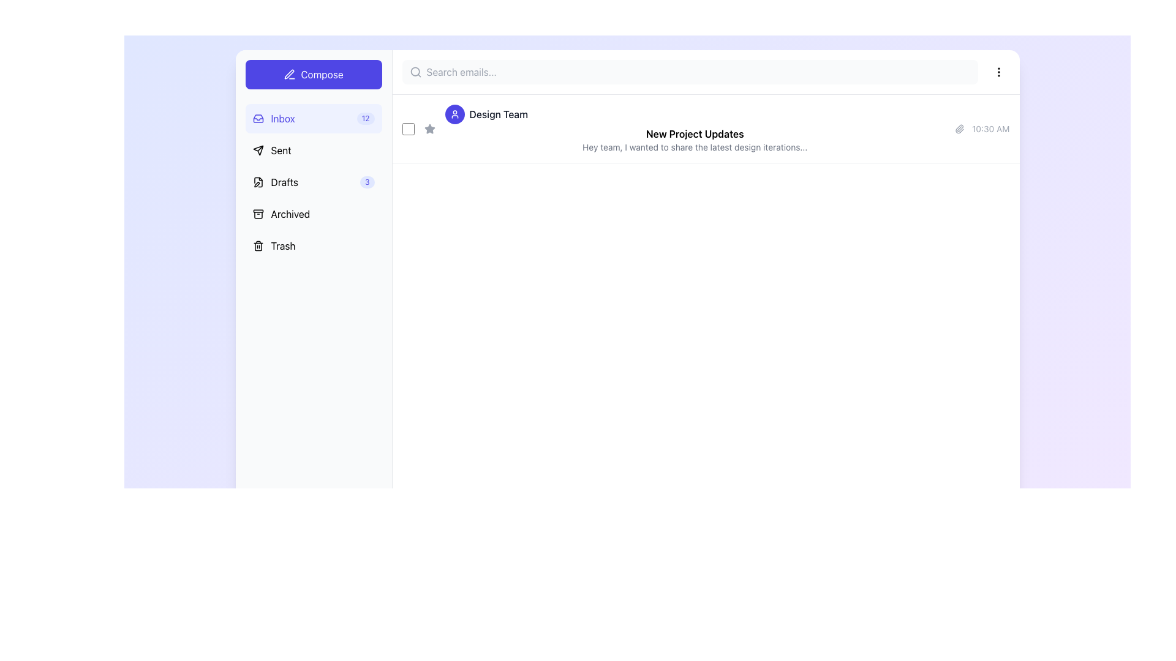 The image size is (1176, 661). What do you see at coordinates (365, 118) in the screenshot?
I see `displayed number on the Notification badge located to the right of the 'Inbox' menu item in the sidebar` at bounding box center [365, 118].